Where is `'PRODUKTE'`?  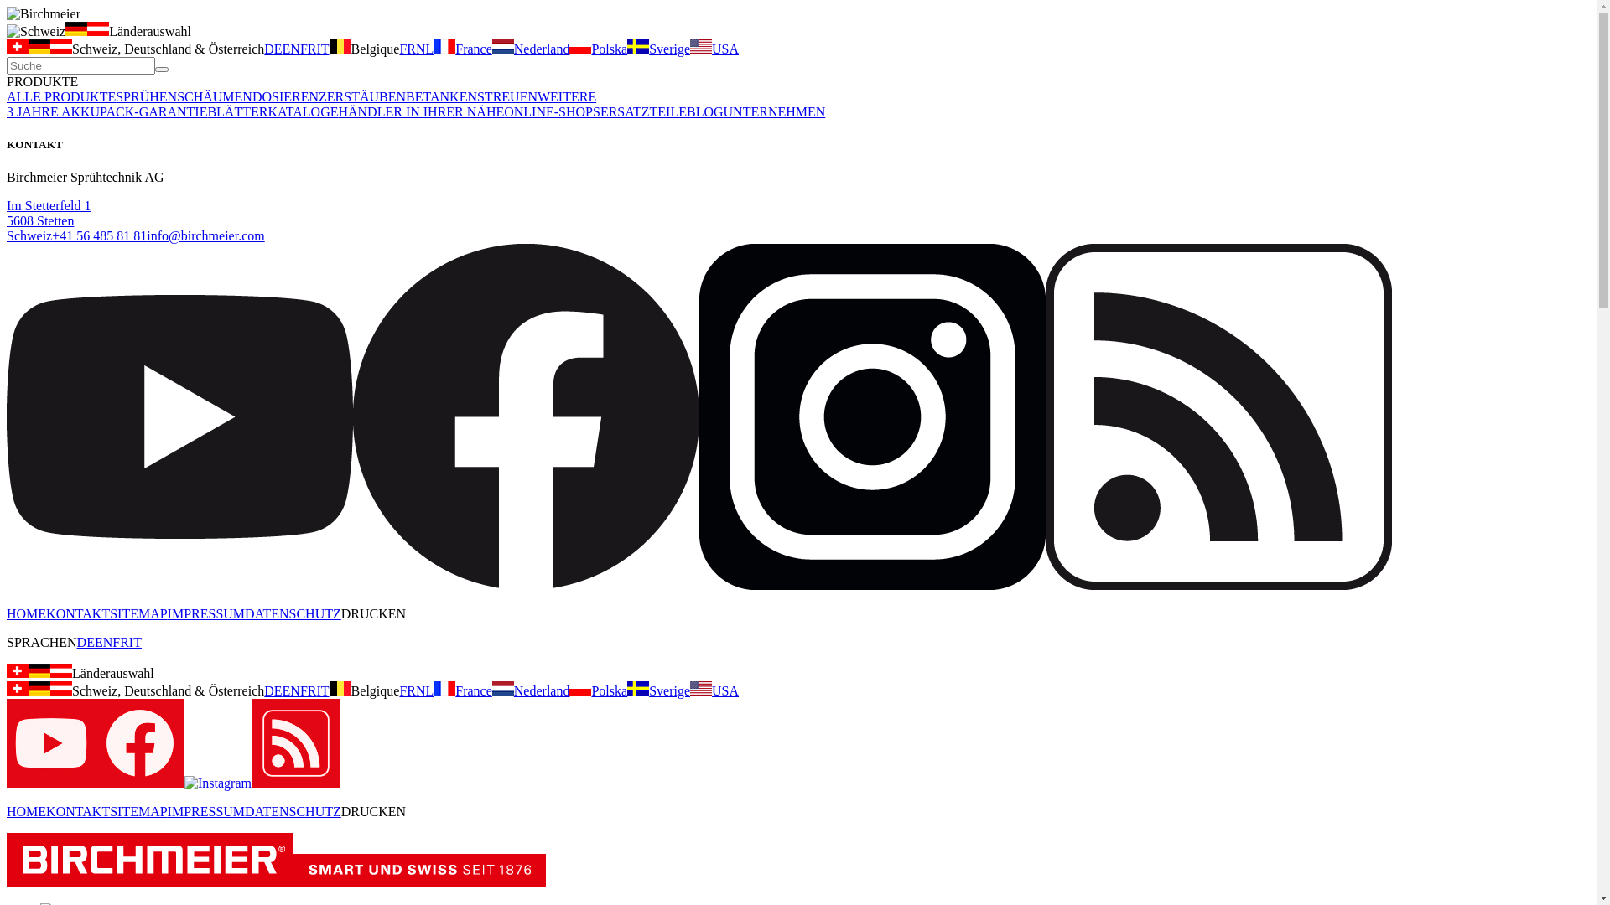 'PRODUKTE' is located at coordinates (42, 81).